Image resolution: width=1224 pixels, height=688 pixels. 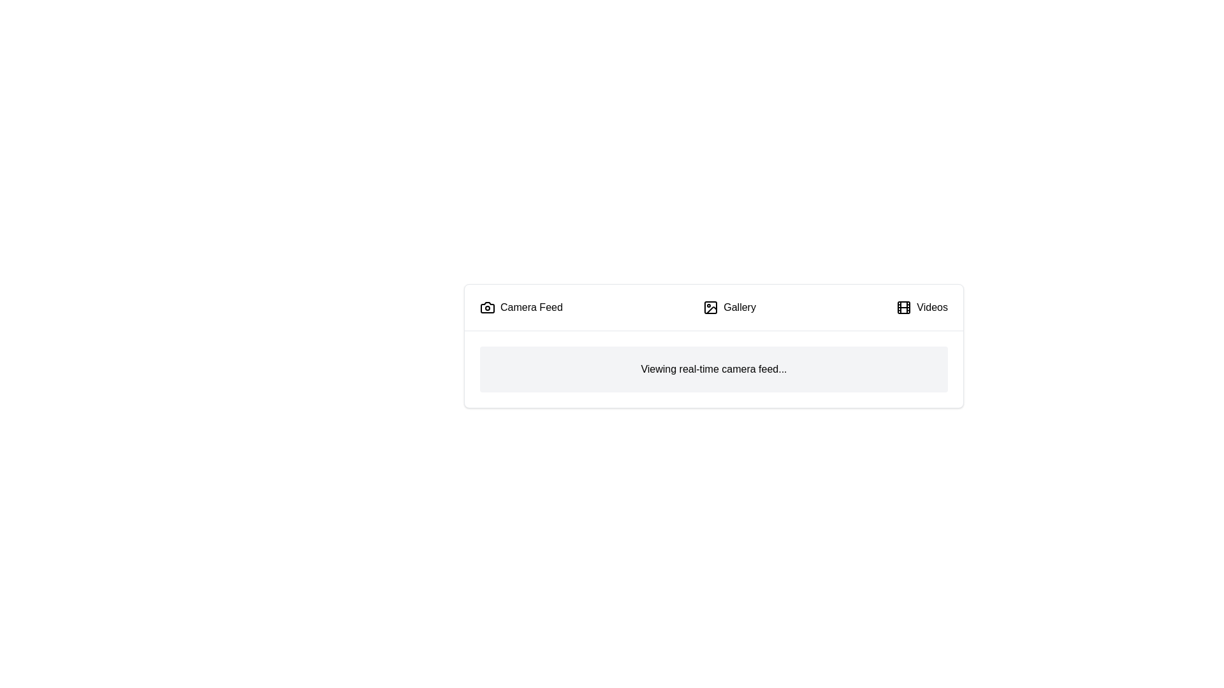 What do you see at coordinates (729, 307) in the screenshot?
I see `the Gallery tab by clicking on it` at bounding box center [729, 307].